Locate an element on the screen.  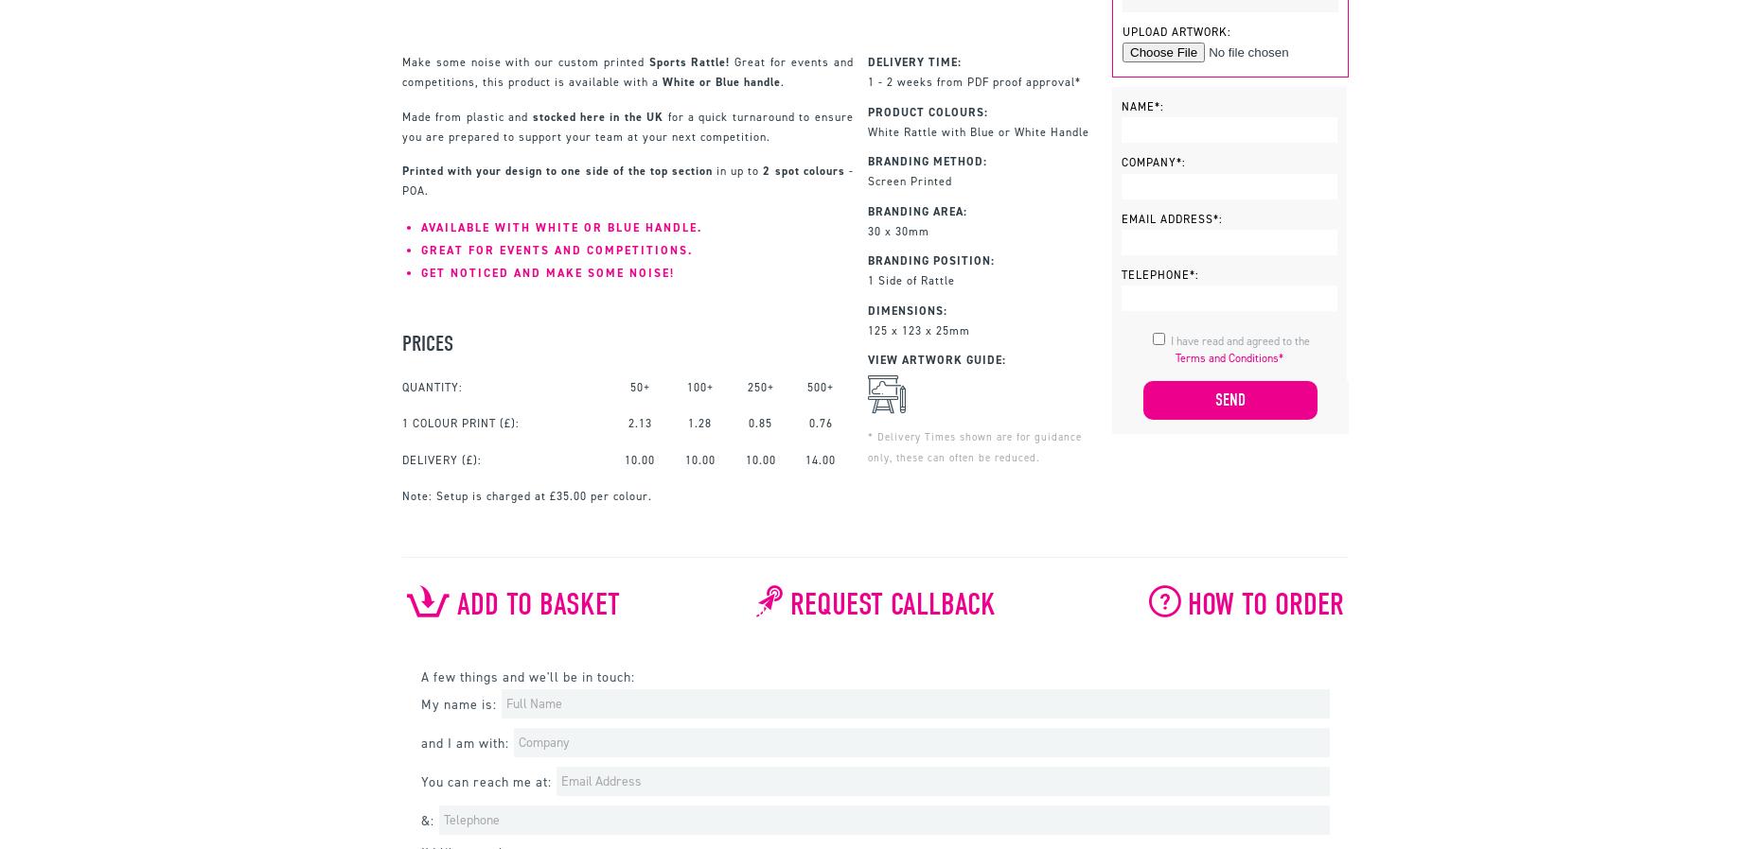
'Made from plastic and' is located at coordinates (467, 115).